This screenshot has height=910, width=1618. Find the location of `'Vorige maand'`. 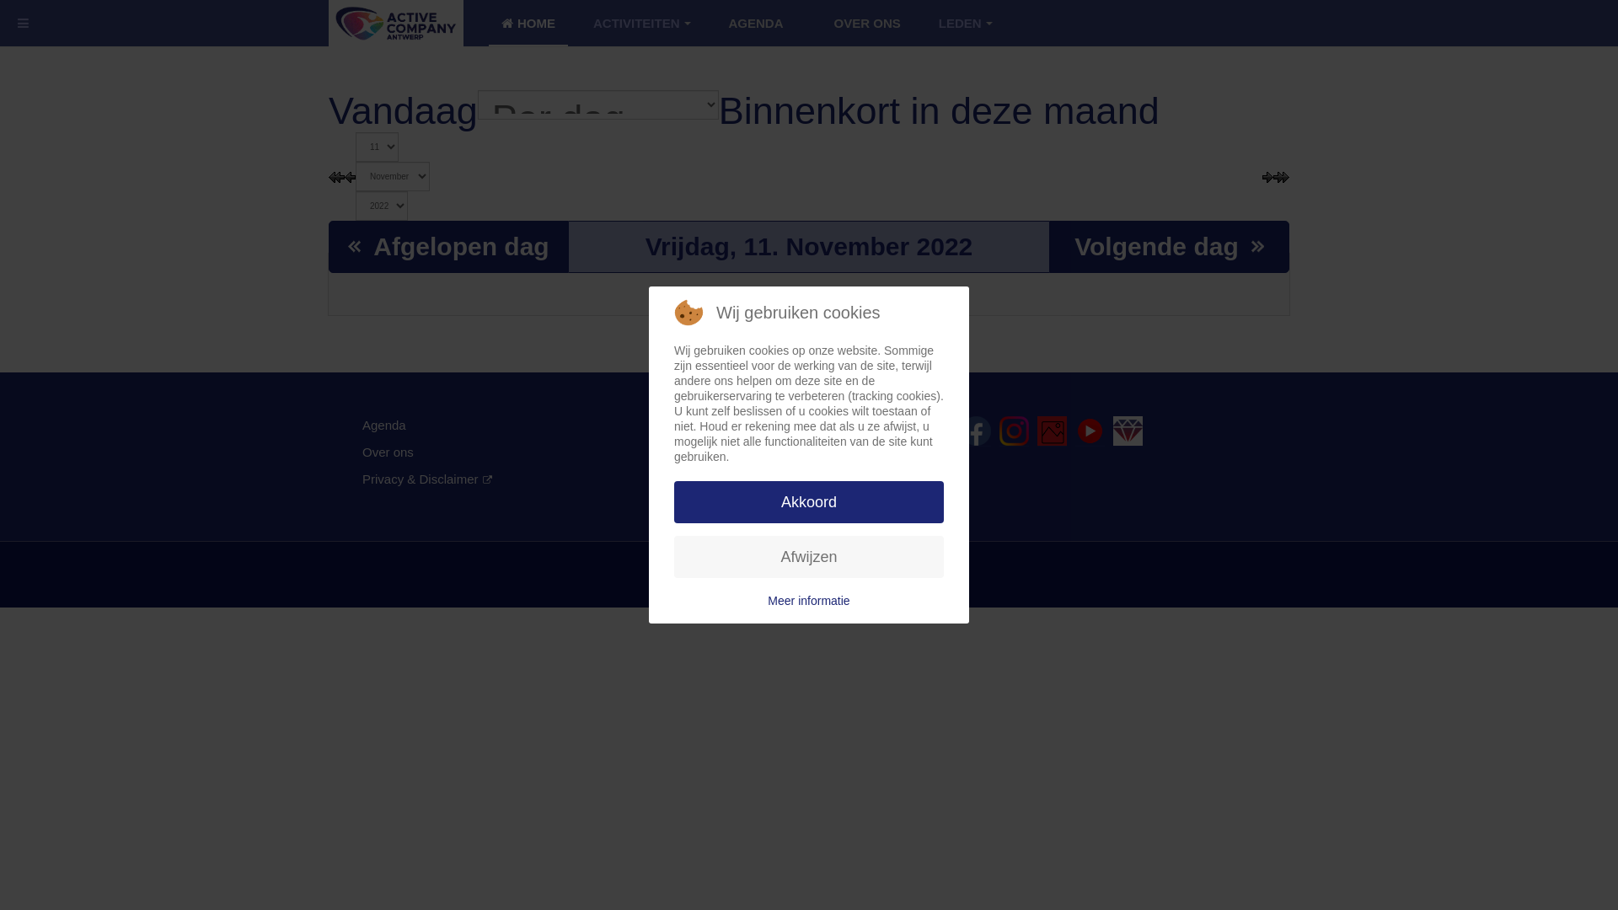

'Vorige maand' is located at coordinates (328, 175).